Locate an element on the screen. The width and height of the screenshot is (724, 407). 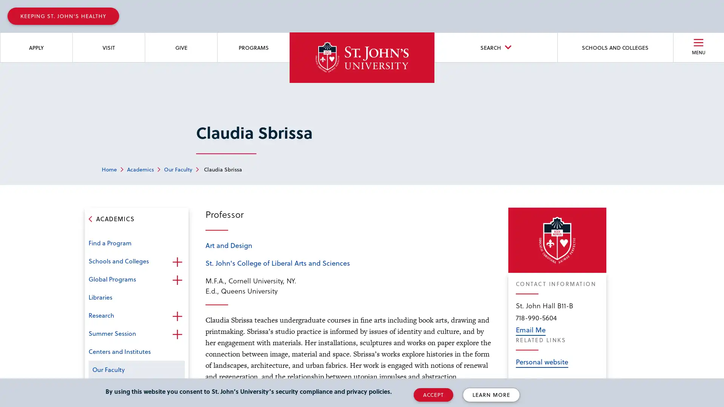
Open the sub-menu is located at coordinates (177, 334).